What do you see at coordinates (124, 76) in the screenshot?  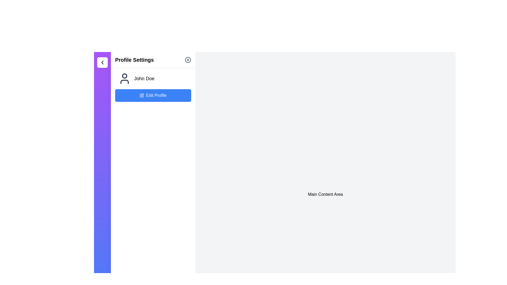 I see `the SVG circle component that is part of the user icon in the profile settings panel, which is positioned above the label 'John Doe.'` at bounding box center [124, 76].